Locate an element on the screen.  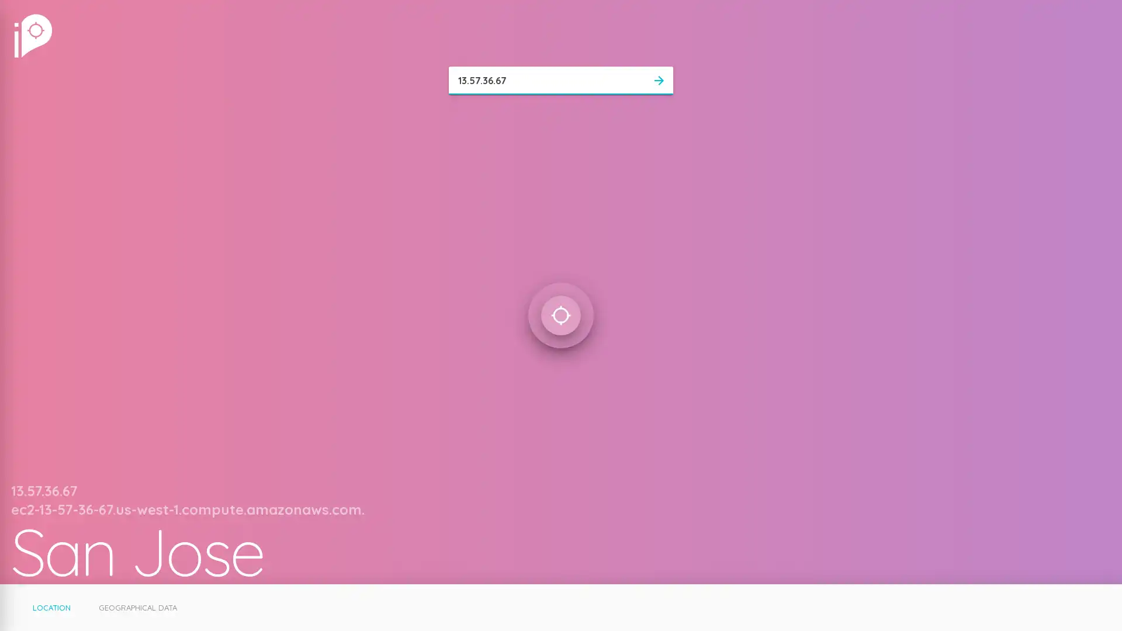
arrow_forward is located at coordinates (659, 80).